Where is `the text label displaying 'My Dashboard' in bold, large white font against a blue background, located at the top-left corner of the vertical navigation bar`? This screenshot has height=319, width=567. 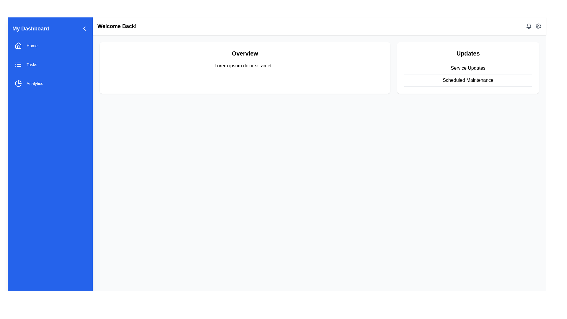
the text label displaying 'My Dashboard' in bold, large white font against a blue background, located at the top-left corner of the vertical navigation bar is located at coordinates (30, 28).